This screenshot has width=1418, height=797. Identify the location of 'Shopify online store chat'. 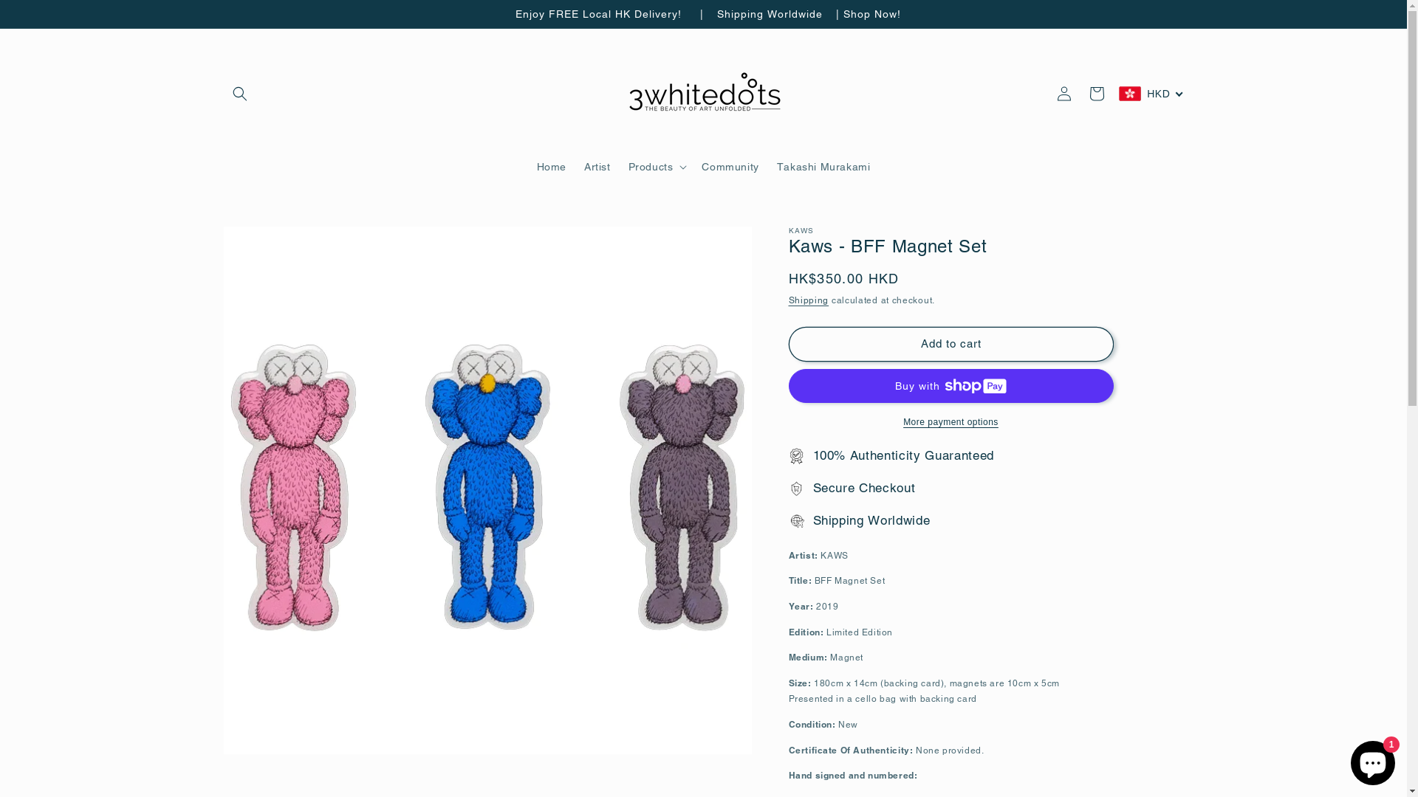
(1371, 759).